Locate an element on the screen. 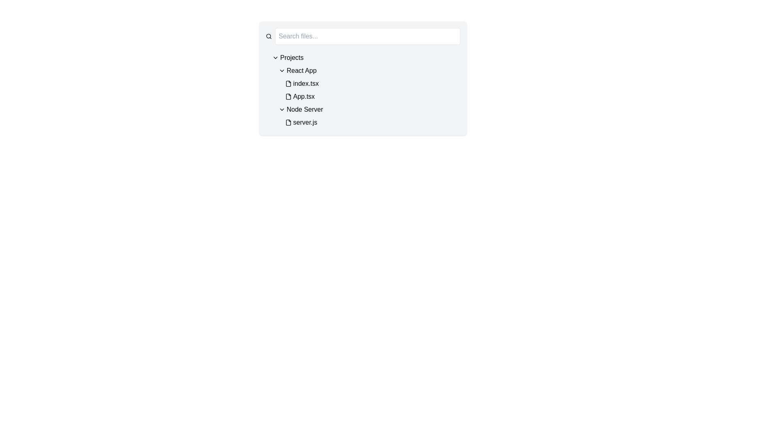 This screenshot has width=778, height=437. the Text Label in the File Tree that is positioned under the 'React App' folder, directly below 'App.tsx' and above 'server.js' is located at coordinates (304, 109).